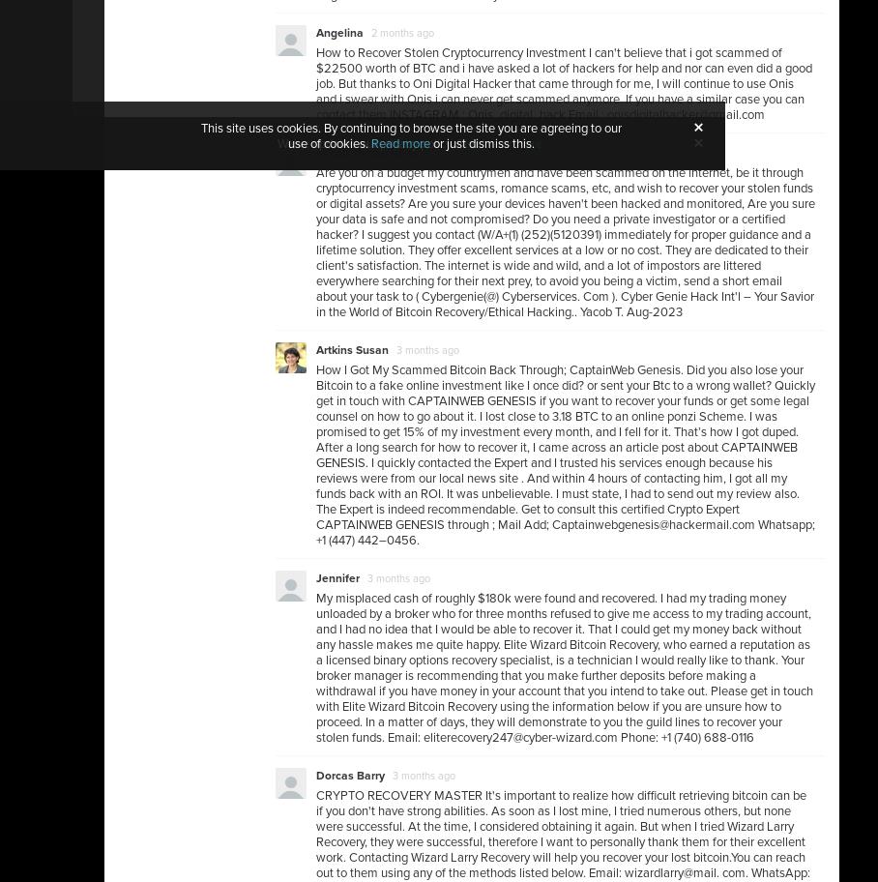 Image resolution: width=878 pixels, height=882 pixels. I want to click on 'Angelina', so click(339, 33).